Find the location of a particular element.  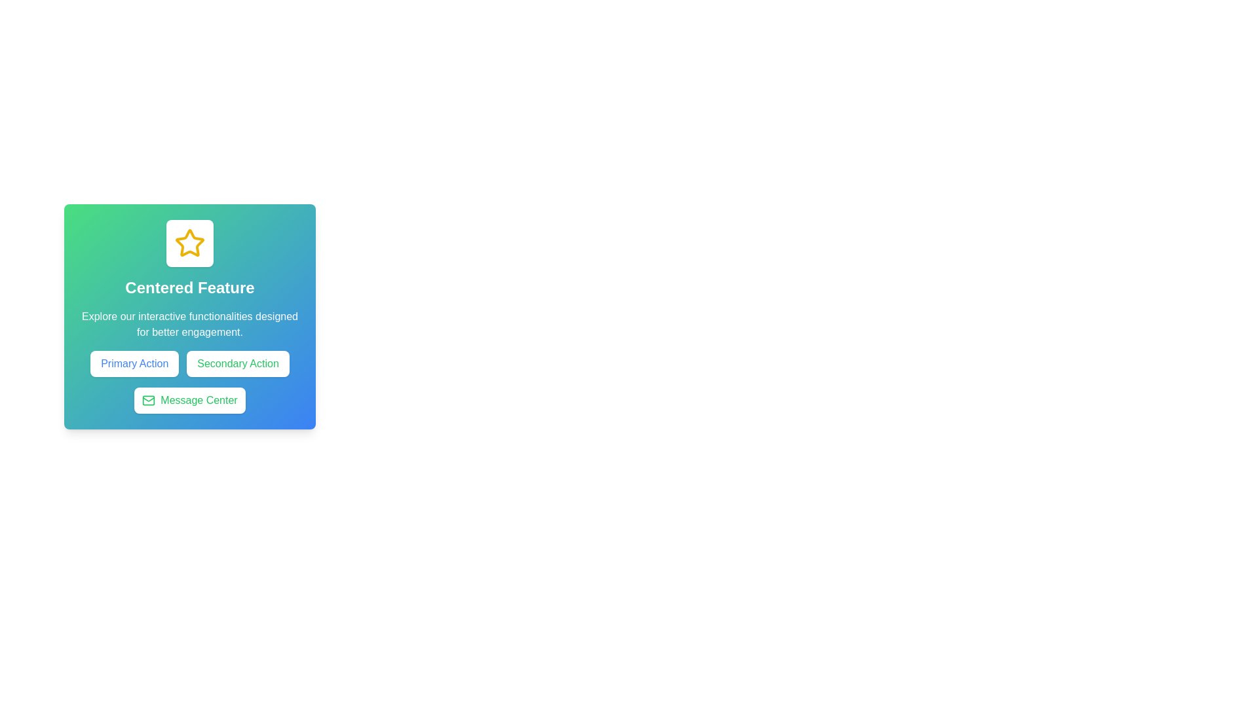

the 'Message Center' button which encompasses the envelope icon represented by a white rectangular shape with rounded corners is located at coordinates (149, 400).